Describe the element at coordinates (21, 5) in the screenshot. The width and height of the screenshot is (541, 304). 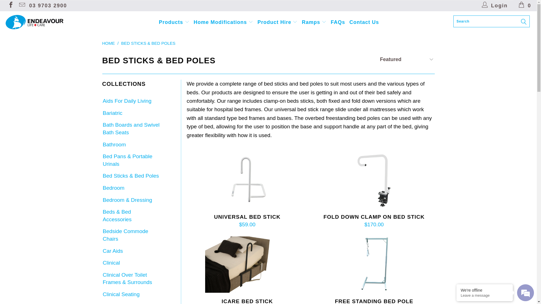
I see `'Email Endeavour Life Care'` at that location.